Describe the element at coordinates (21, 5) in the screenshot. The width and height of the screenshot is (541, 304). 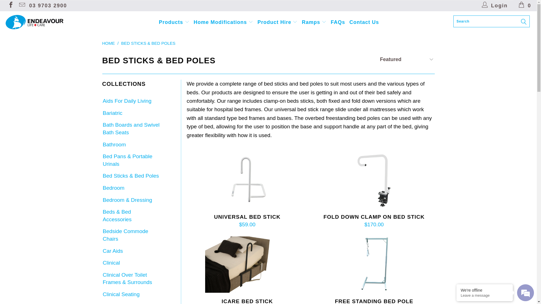
I see `'Email Endeavour Life Care'` at that location.